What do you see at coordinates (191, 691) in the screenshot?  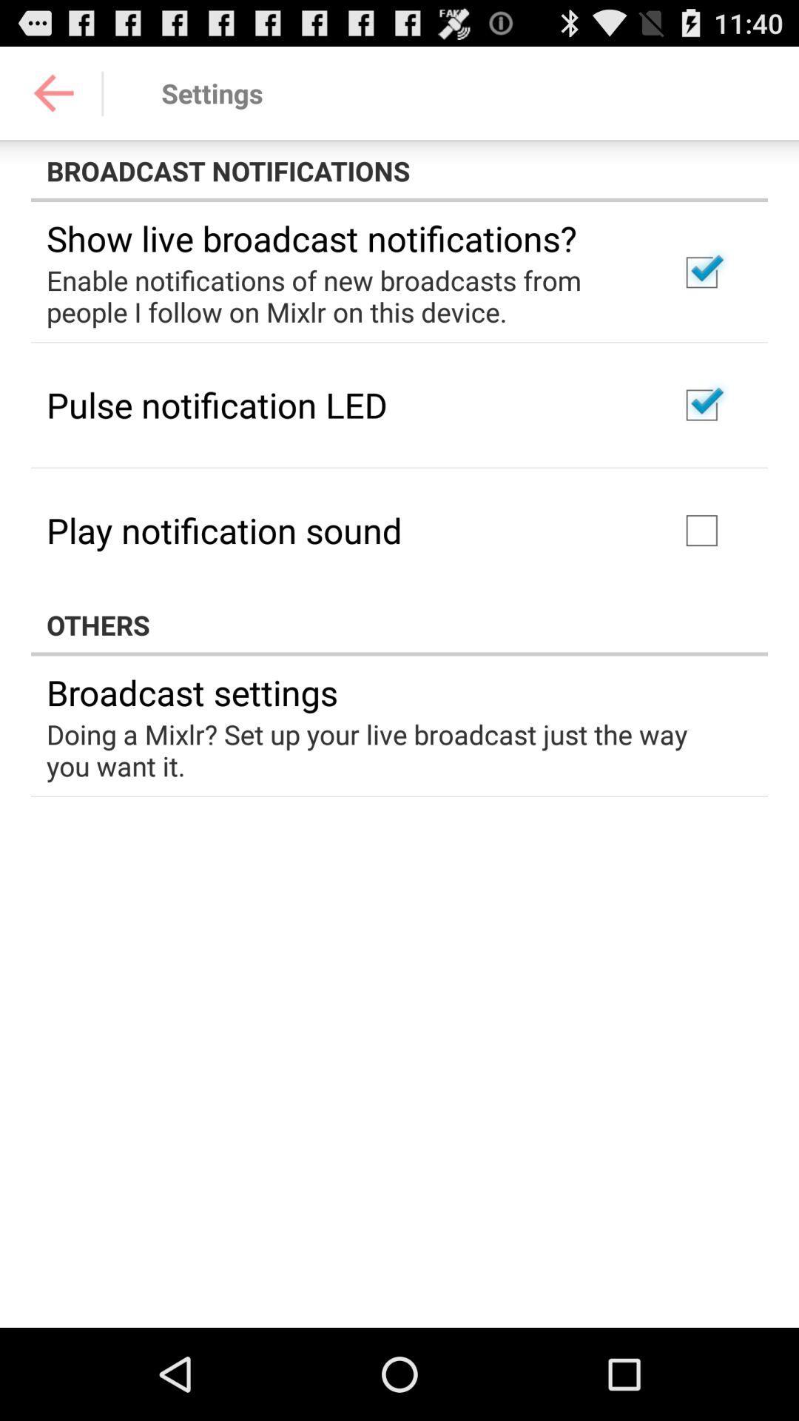 I see `icon below others icon` at bounding box center [191, 691].